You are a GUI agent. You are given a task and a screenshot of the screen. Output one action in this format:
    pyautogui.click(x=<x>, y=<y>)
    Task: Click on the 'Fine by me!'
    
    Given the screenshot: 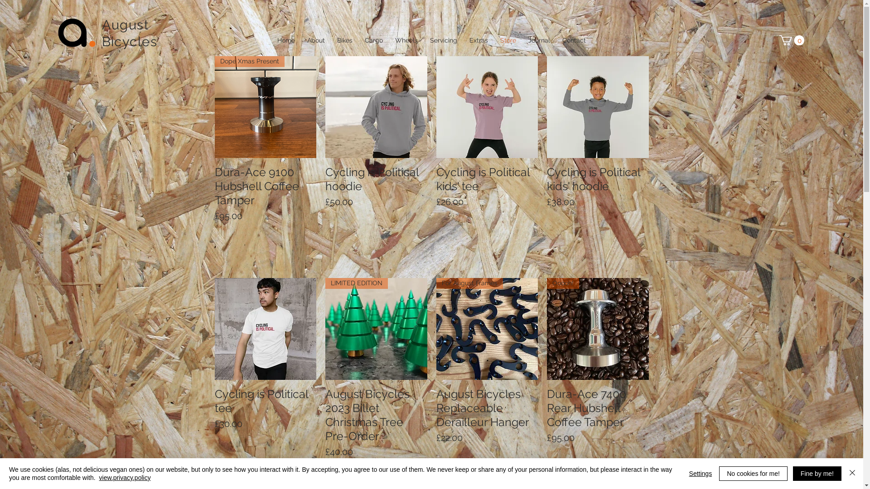 What is the action you would take?
    pyautogui.click(x=817, y=473)
    